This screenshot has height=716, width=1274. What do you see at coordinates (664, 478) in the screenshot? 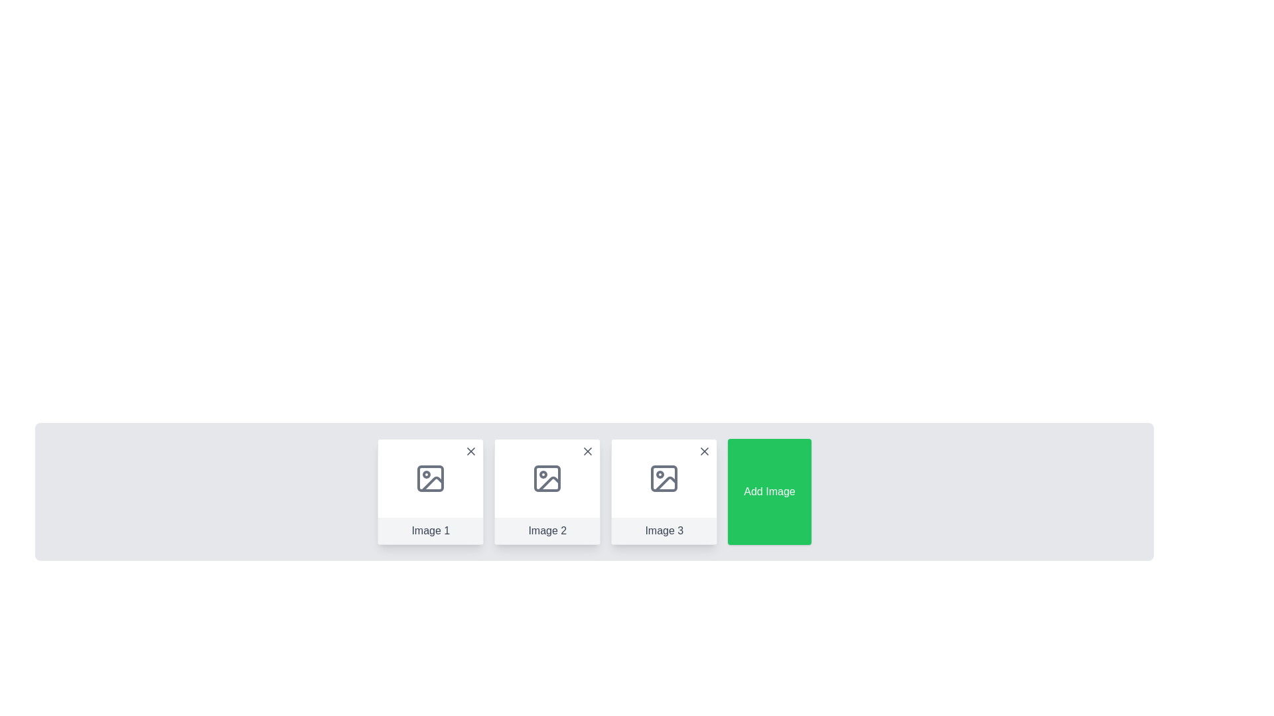
I see `the third image icon, which is styled in gray and features a mountain pattern with a sun or moon above it, located on a horizontal bar labeled 'Image 3'` at bounding box center [664, 478].